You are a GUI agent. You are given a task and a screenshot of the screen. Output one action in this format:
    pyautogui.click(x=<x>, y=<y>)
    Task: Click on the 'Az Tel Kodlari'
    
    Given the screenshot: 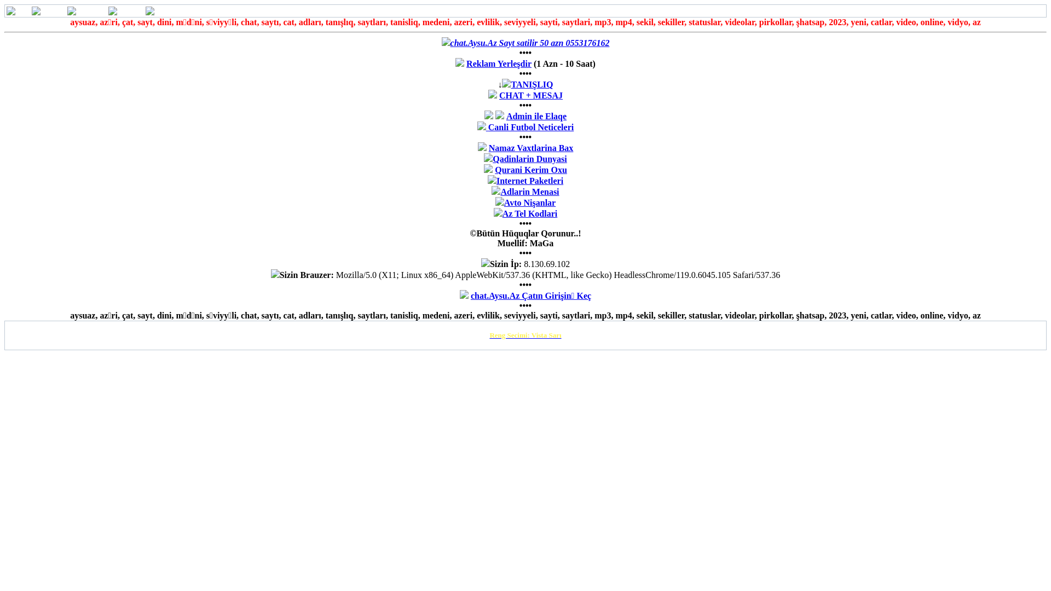 What is the action you would take?
    pyautogui.click(x=530, y=213)
    